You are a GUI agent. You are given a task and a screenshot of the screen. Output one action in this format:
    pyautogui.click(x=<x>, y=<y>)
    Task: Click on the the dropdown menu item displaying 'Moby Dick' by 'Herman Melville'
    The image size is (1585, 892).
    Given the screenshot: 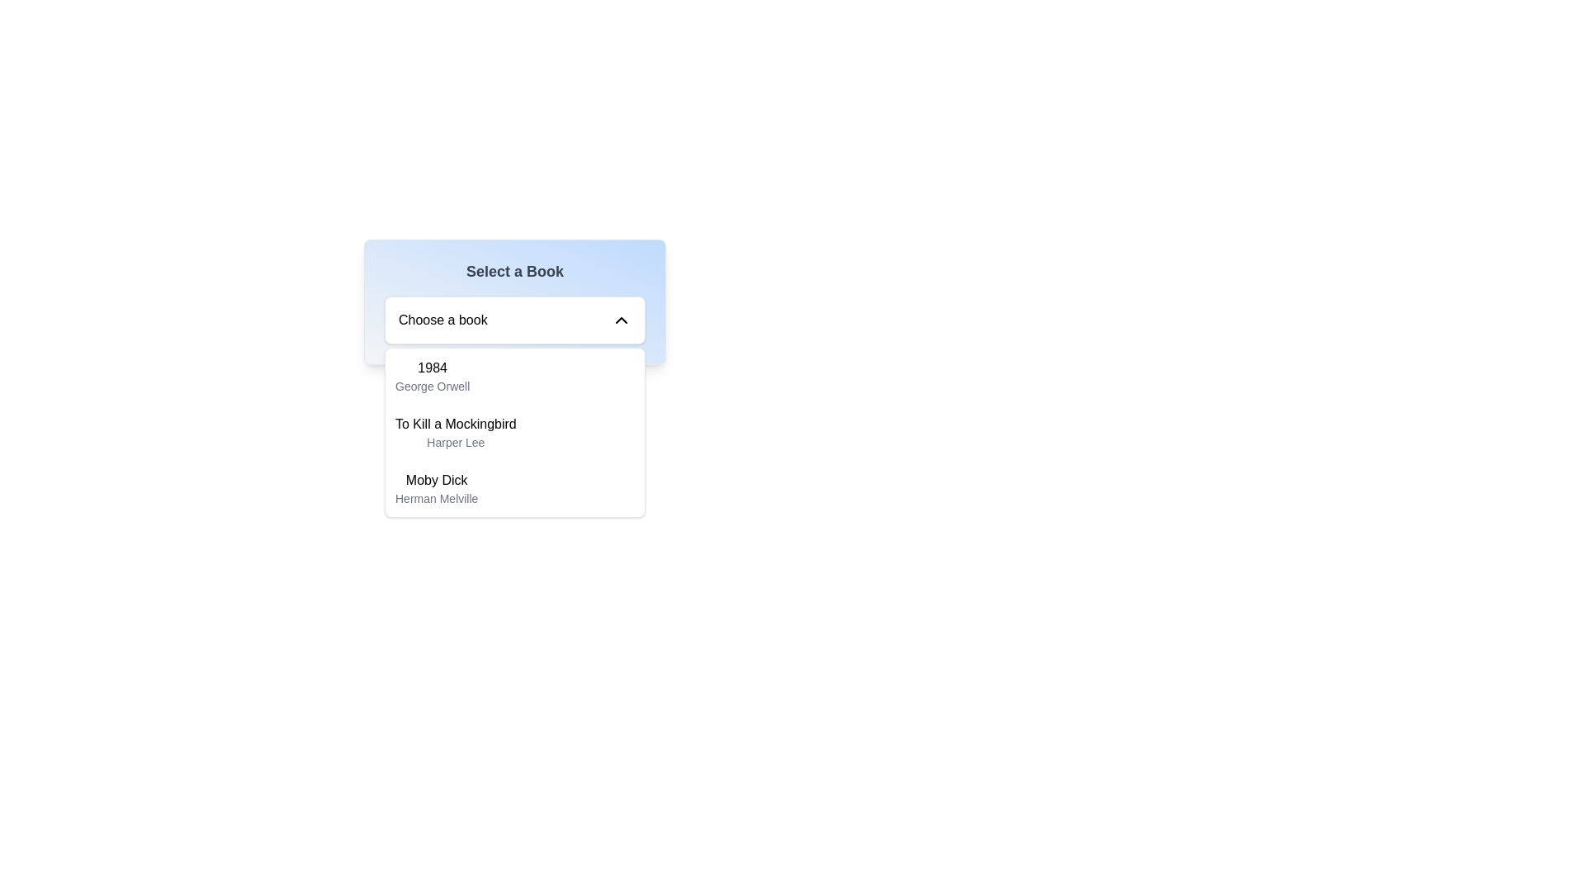 What is the action you would take?
    pyautogui.click(x=437, y=487)
    